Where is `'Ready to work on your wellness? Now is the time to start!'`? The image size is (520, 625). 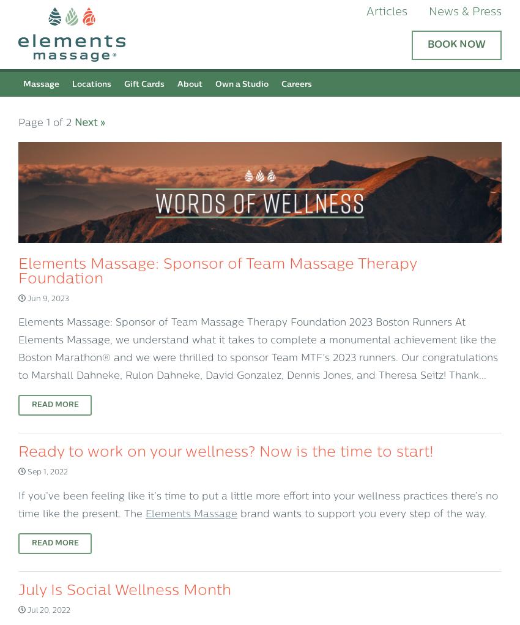 'Ready to work on your wellness? Now is the time to start!' is located at coordinates (18, 452).